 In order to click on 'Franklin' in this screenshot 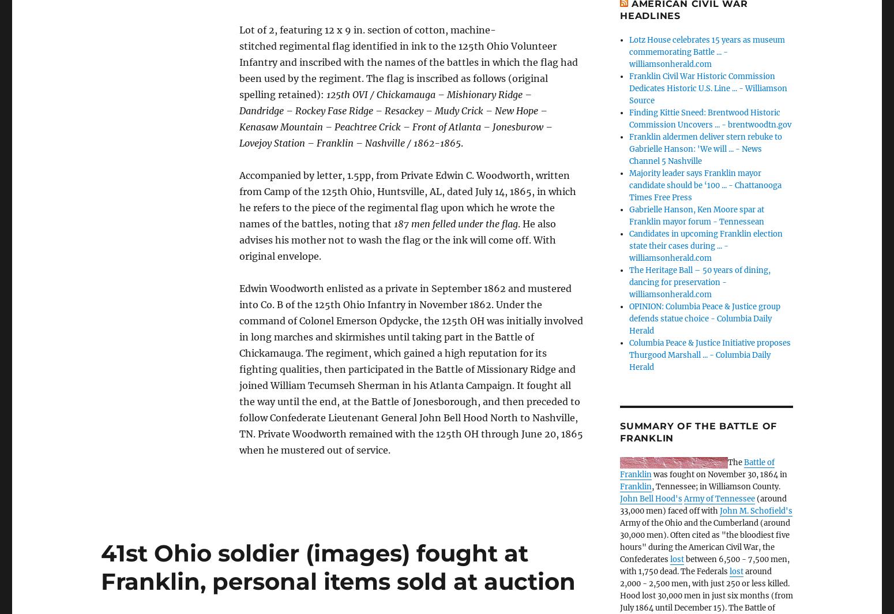, I will do `click(635, 486)`.